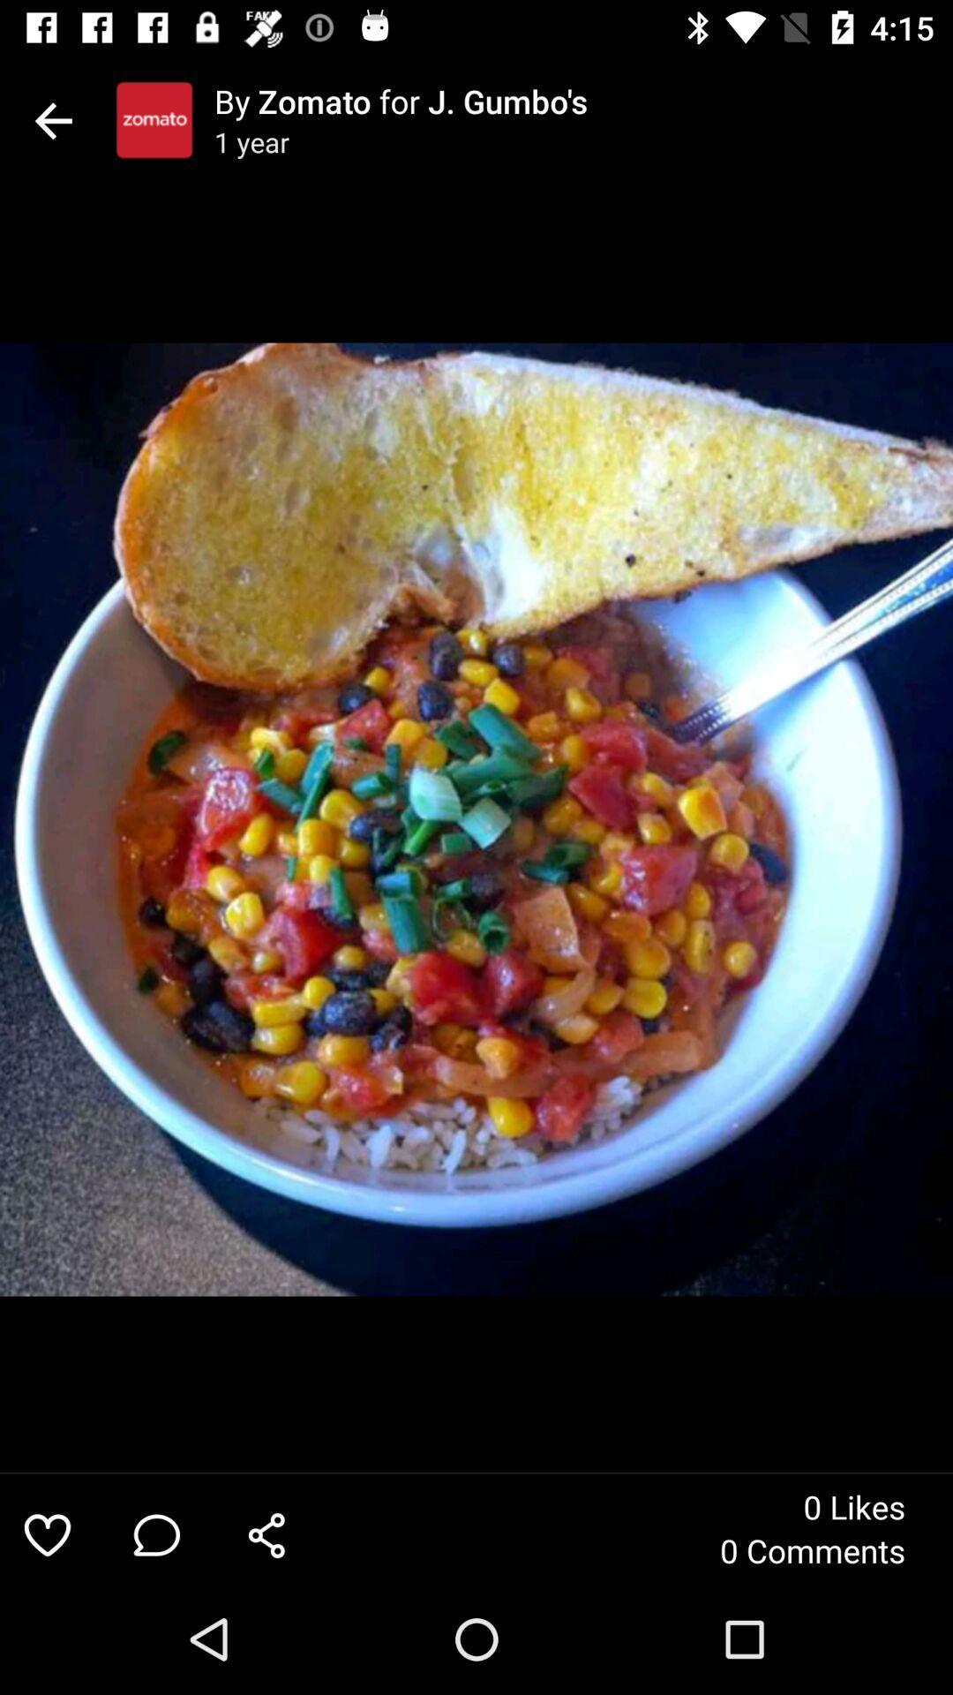 The width and height of the screenshot is (953, 1695). What do you see at coordinates (266, 1533) in the screenshot?
I see `the icon to the left of the 0 comments icon` at bounding box center [266, 1533].